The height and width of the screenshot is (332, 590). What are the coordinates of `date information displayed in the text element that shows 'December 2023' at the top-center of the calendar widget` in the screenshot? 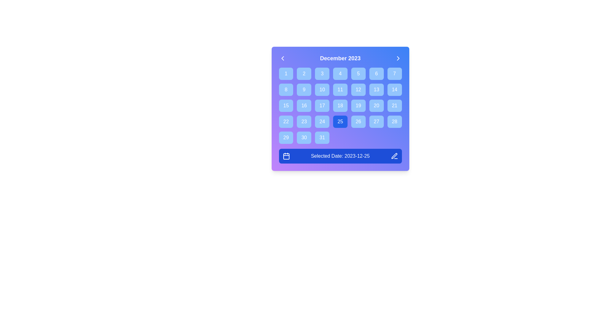 It's located at (340, 58).